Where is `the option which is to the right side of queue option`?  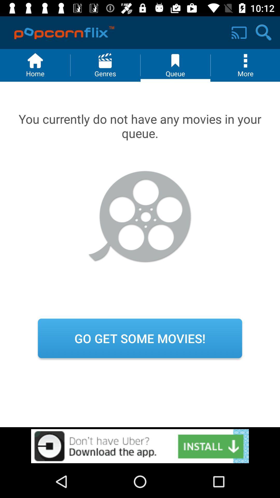
the option which is to the right side of queue option is located at coordinates (245, 65).